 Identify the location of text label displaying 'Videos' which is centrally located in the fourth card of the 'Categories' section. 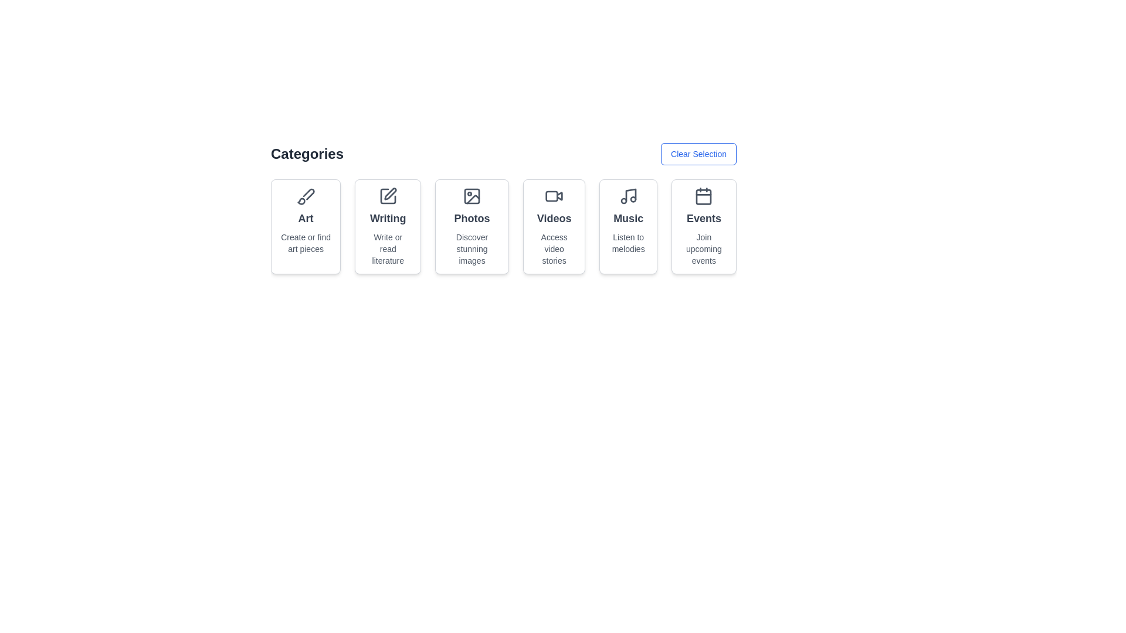
(554, 219).